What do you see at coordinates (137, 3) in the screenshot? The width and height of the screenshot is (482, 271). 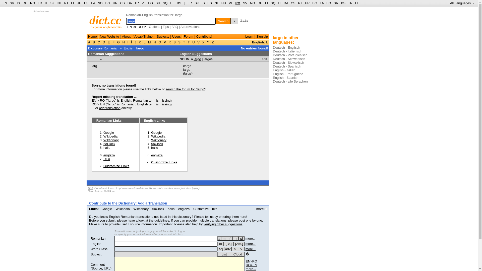 I see `'TR'` at bounding box center [137, 3].